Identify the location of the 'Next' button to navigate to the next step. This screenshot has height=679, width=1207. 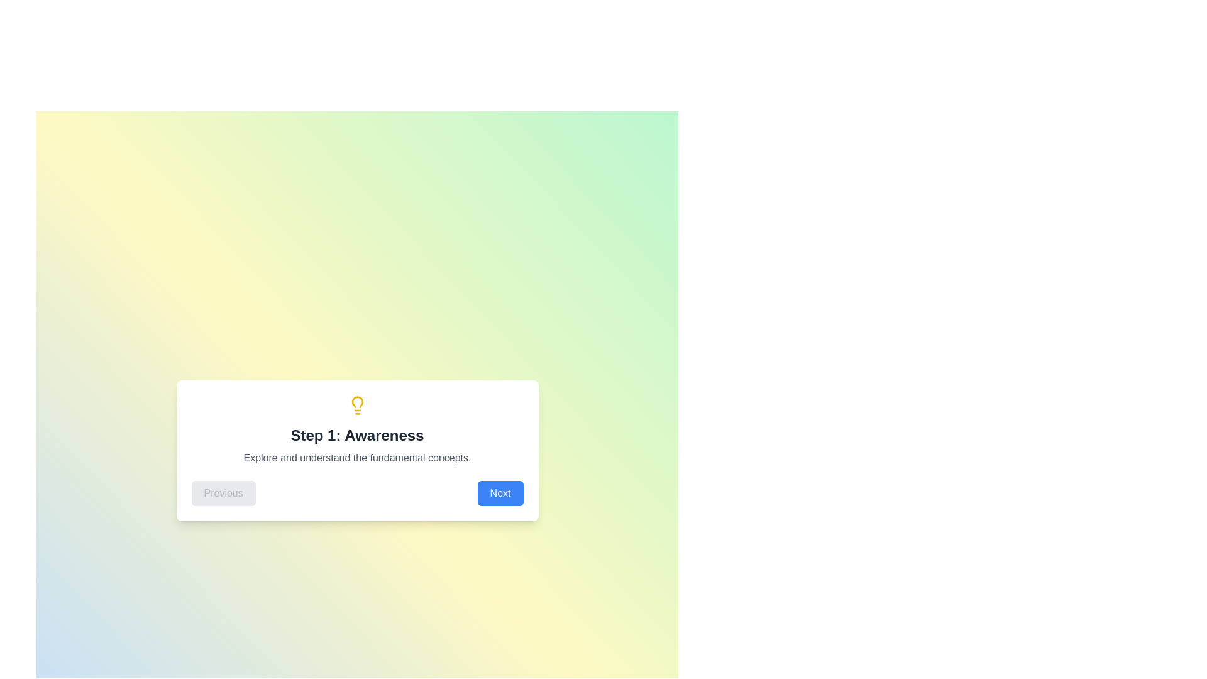
(500, 493).